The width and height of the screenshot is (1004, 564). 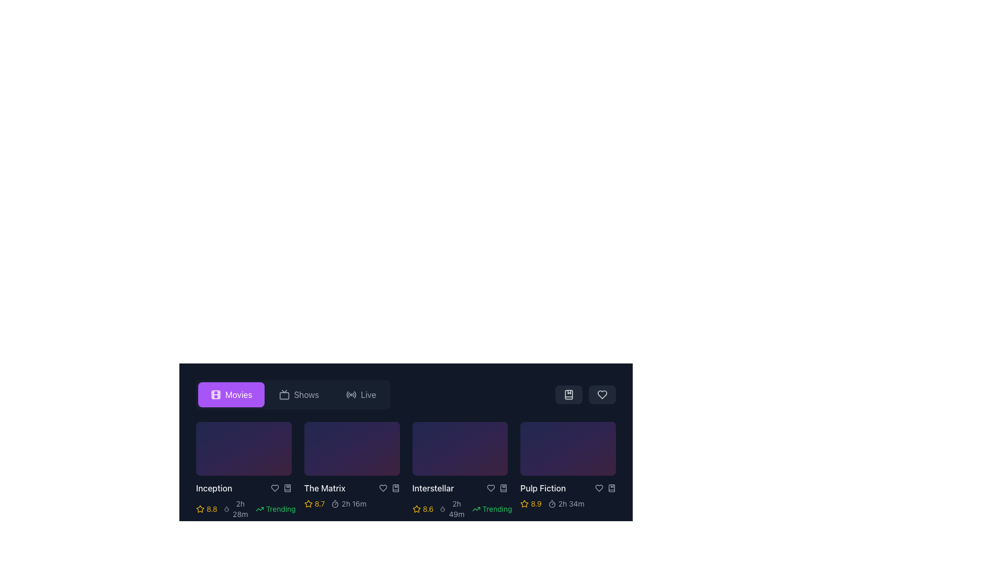 What do you see at coordinates (243, 471) in the screenshot?
I see `the play button for the movie 'Inception'` at bounding box center [243, 471].